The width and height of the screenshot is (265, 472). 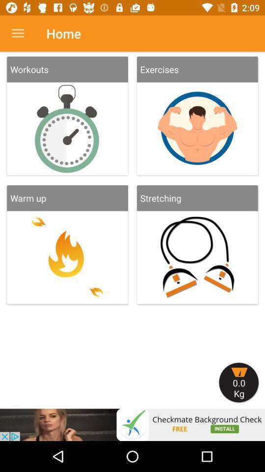 What do you see at coordinates (238, 382) in the screenshot?
I see `show cart` at bounding box center [238, 382].